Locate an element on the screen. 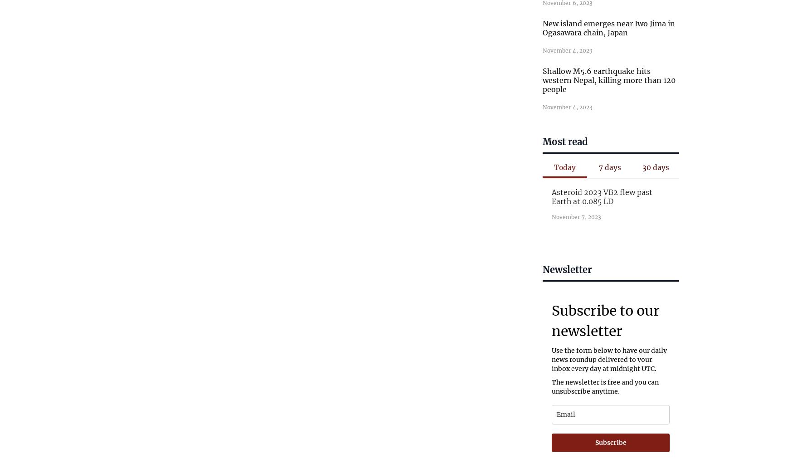 Image resolution: width=794 pixels, height=473 pixels. 'November 7, 2023' is located at coordinates (576, 216).